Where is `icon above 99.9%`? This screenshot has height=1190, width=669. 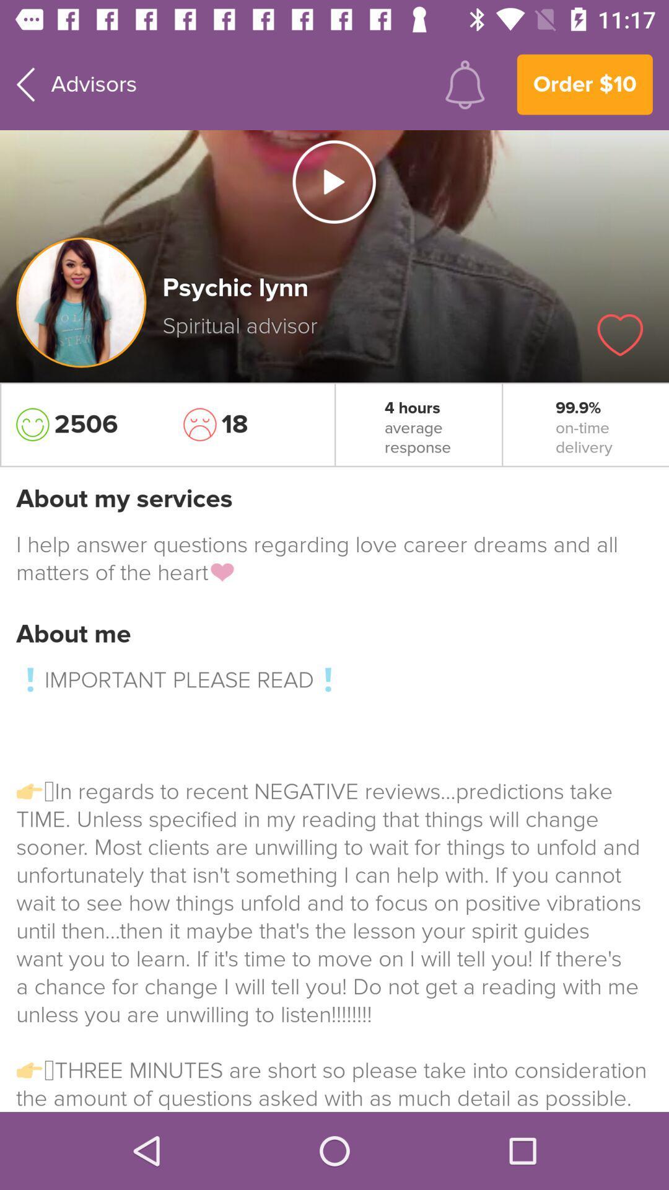 icon above 99.9% is located at coordinates (620, 335).